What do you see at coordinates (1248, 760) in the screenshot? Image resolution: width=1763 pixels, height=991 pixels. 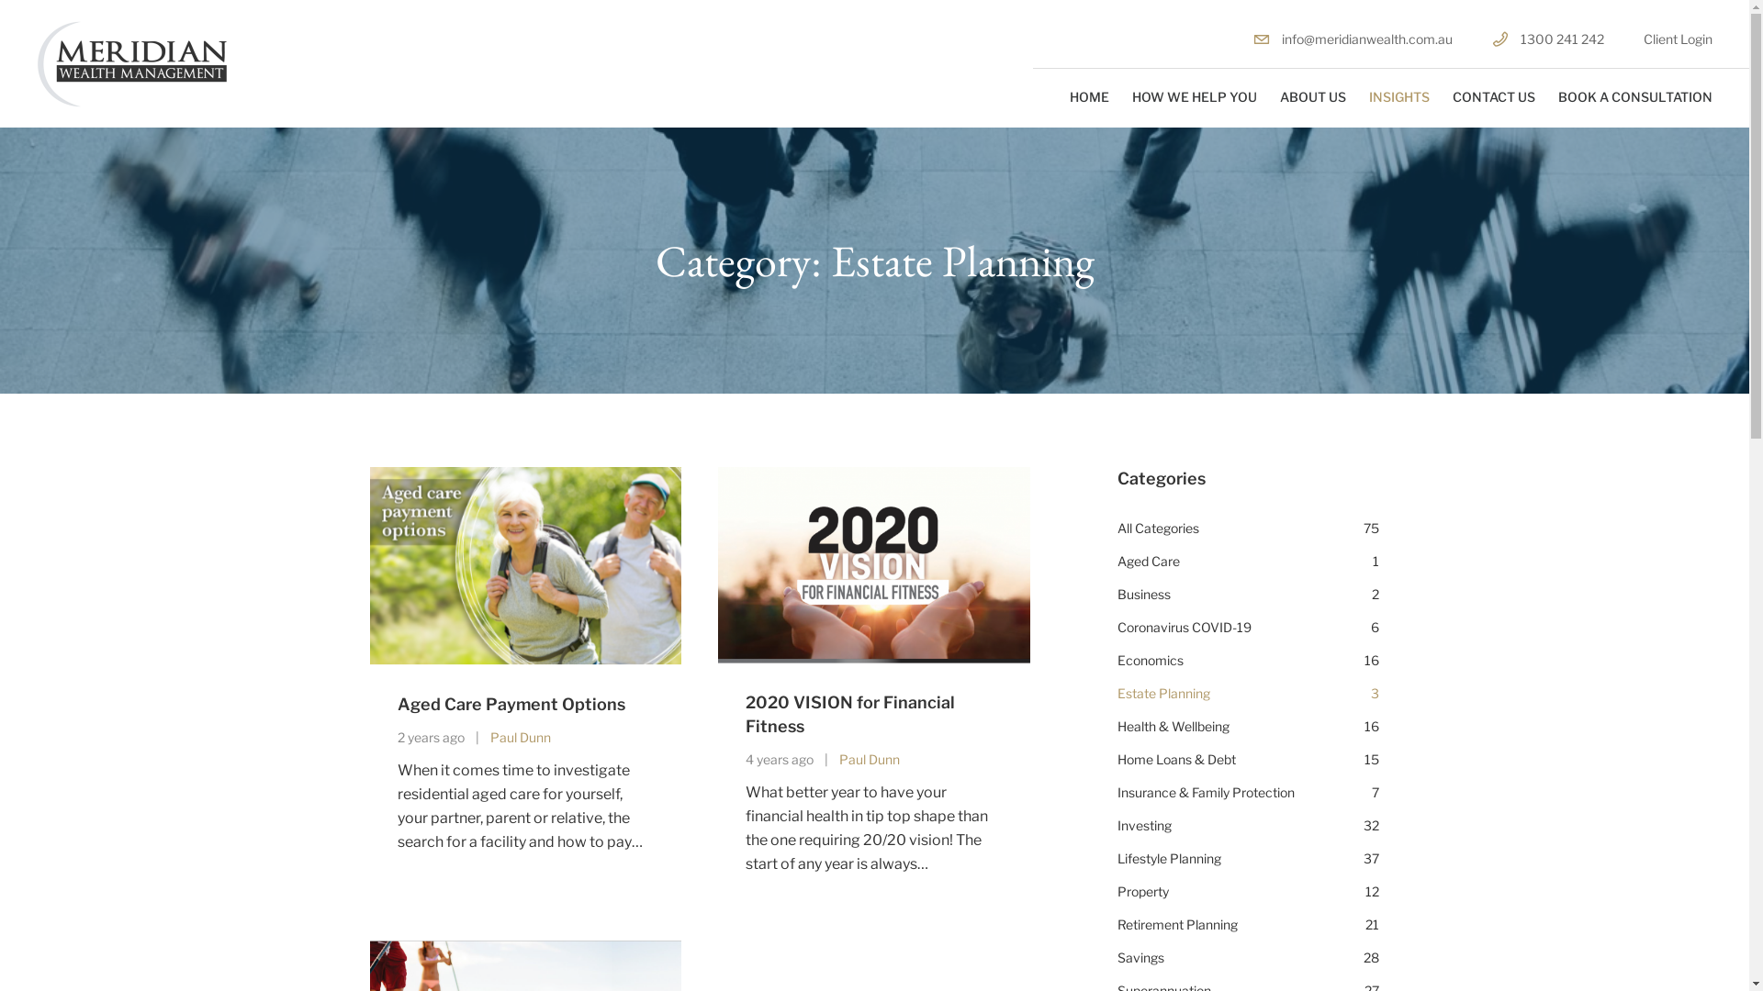 I see `'Home Loans & Debt` at bounding box center [1248, 760].